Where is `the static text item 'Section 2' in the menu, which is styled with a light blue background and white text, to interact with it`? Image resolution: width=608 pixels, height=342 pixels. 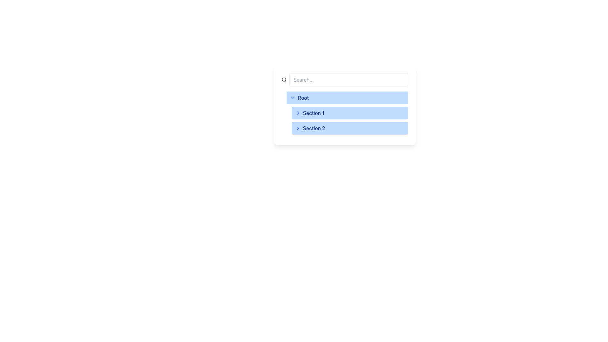 the static text item 'Section 2' in the menu, which is styled with a light blue background and white text, to interact with it is located at coordinates (349, 121).